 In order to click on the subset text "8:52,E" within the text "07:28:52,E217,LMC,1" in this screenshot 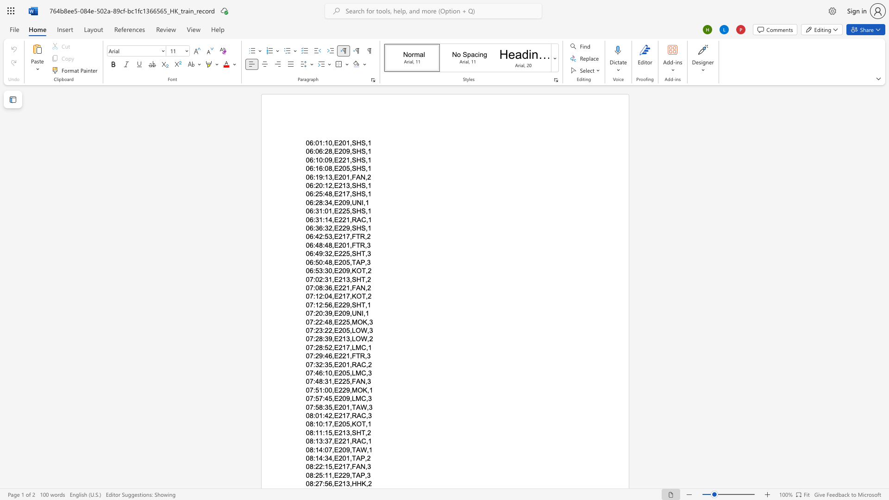, I will do `click(319, 347)`.